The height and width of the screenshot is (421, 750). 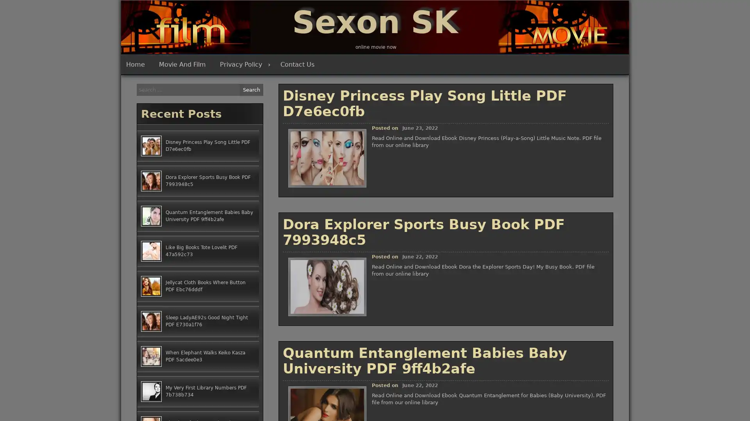 What do you see at coordinates (251, 89) in the screenshot?
I see `Search` at bounding box center [251, 89].